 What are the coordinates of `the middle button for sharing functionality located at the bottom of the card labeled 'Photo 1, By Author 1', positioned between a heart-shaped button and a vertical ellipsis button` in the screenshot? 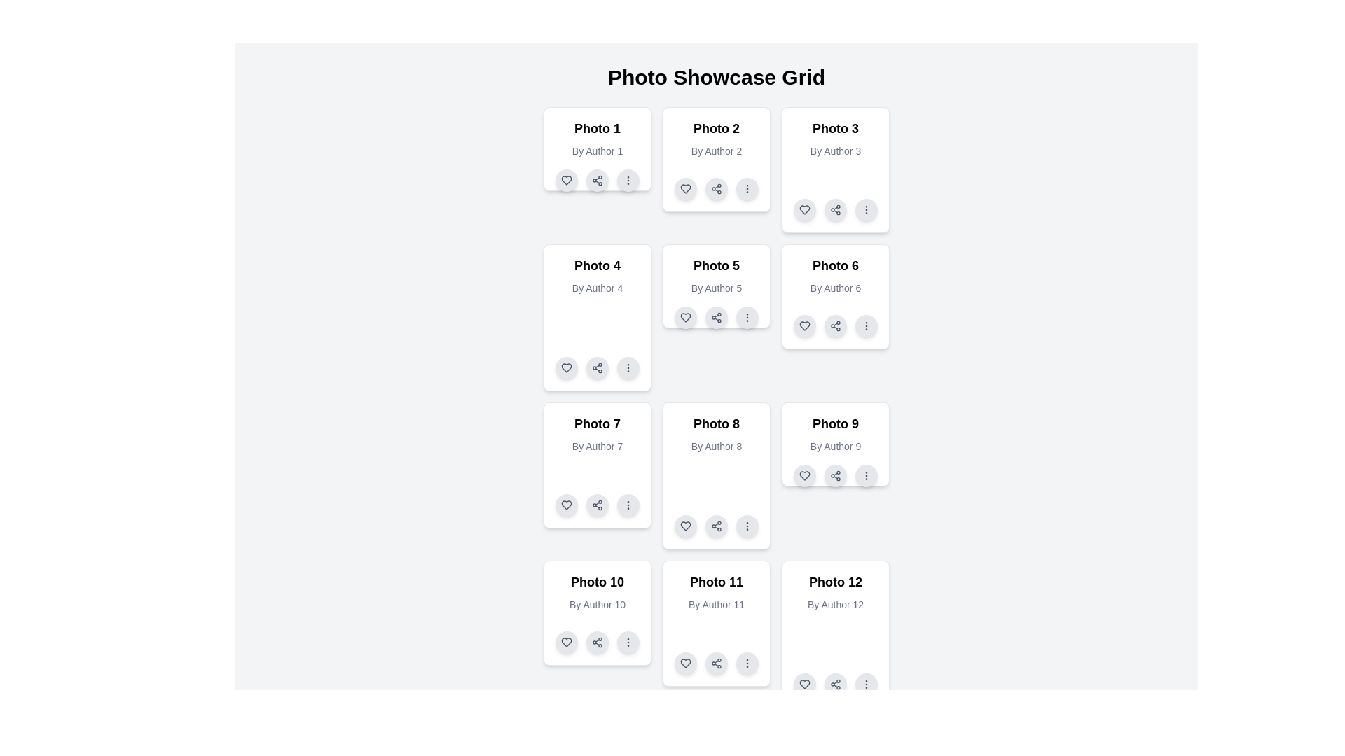 It's located at (598, 180).